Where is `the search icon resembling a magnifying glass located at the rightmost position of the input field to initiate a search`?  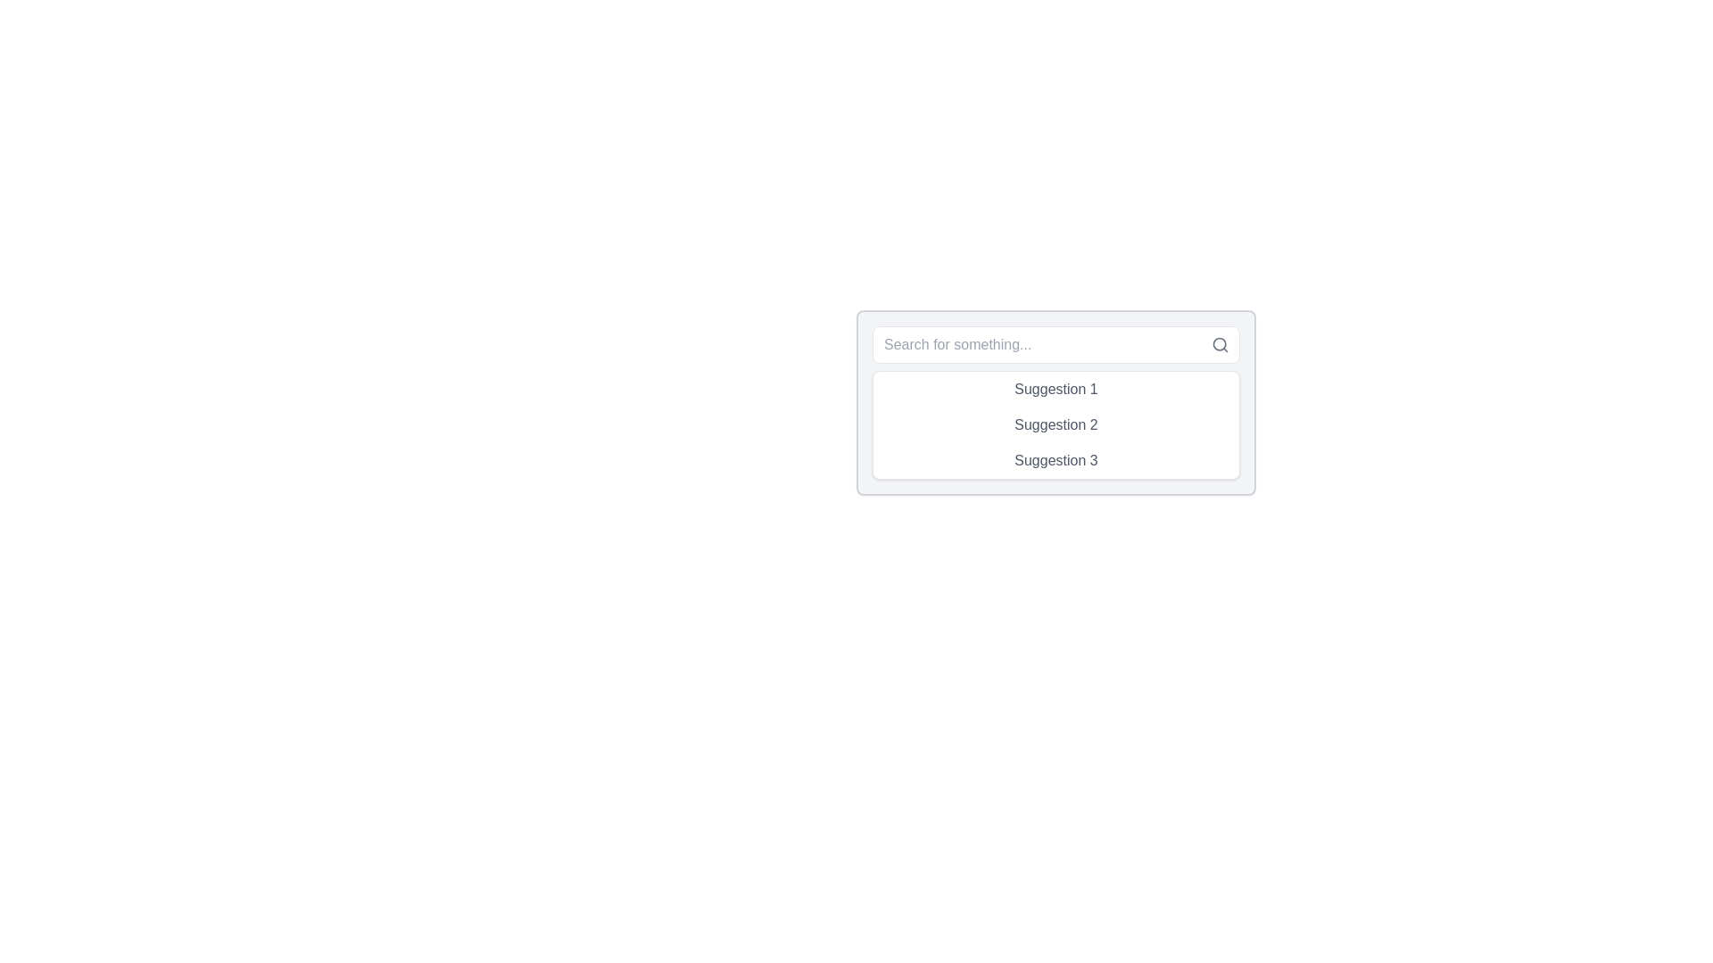
the search icon resembling a magnifying glass located at the rightmost position of the input field to initiate a search is located at coordinates (1220, 344).